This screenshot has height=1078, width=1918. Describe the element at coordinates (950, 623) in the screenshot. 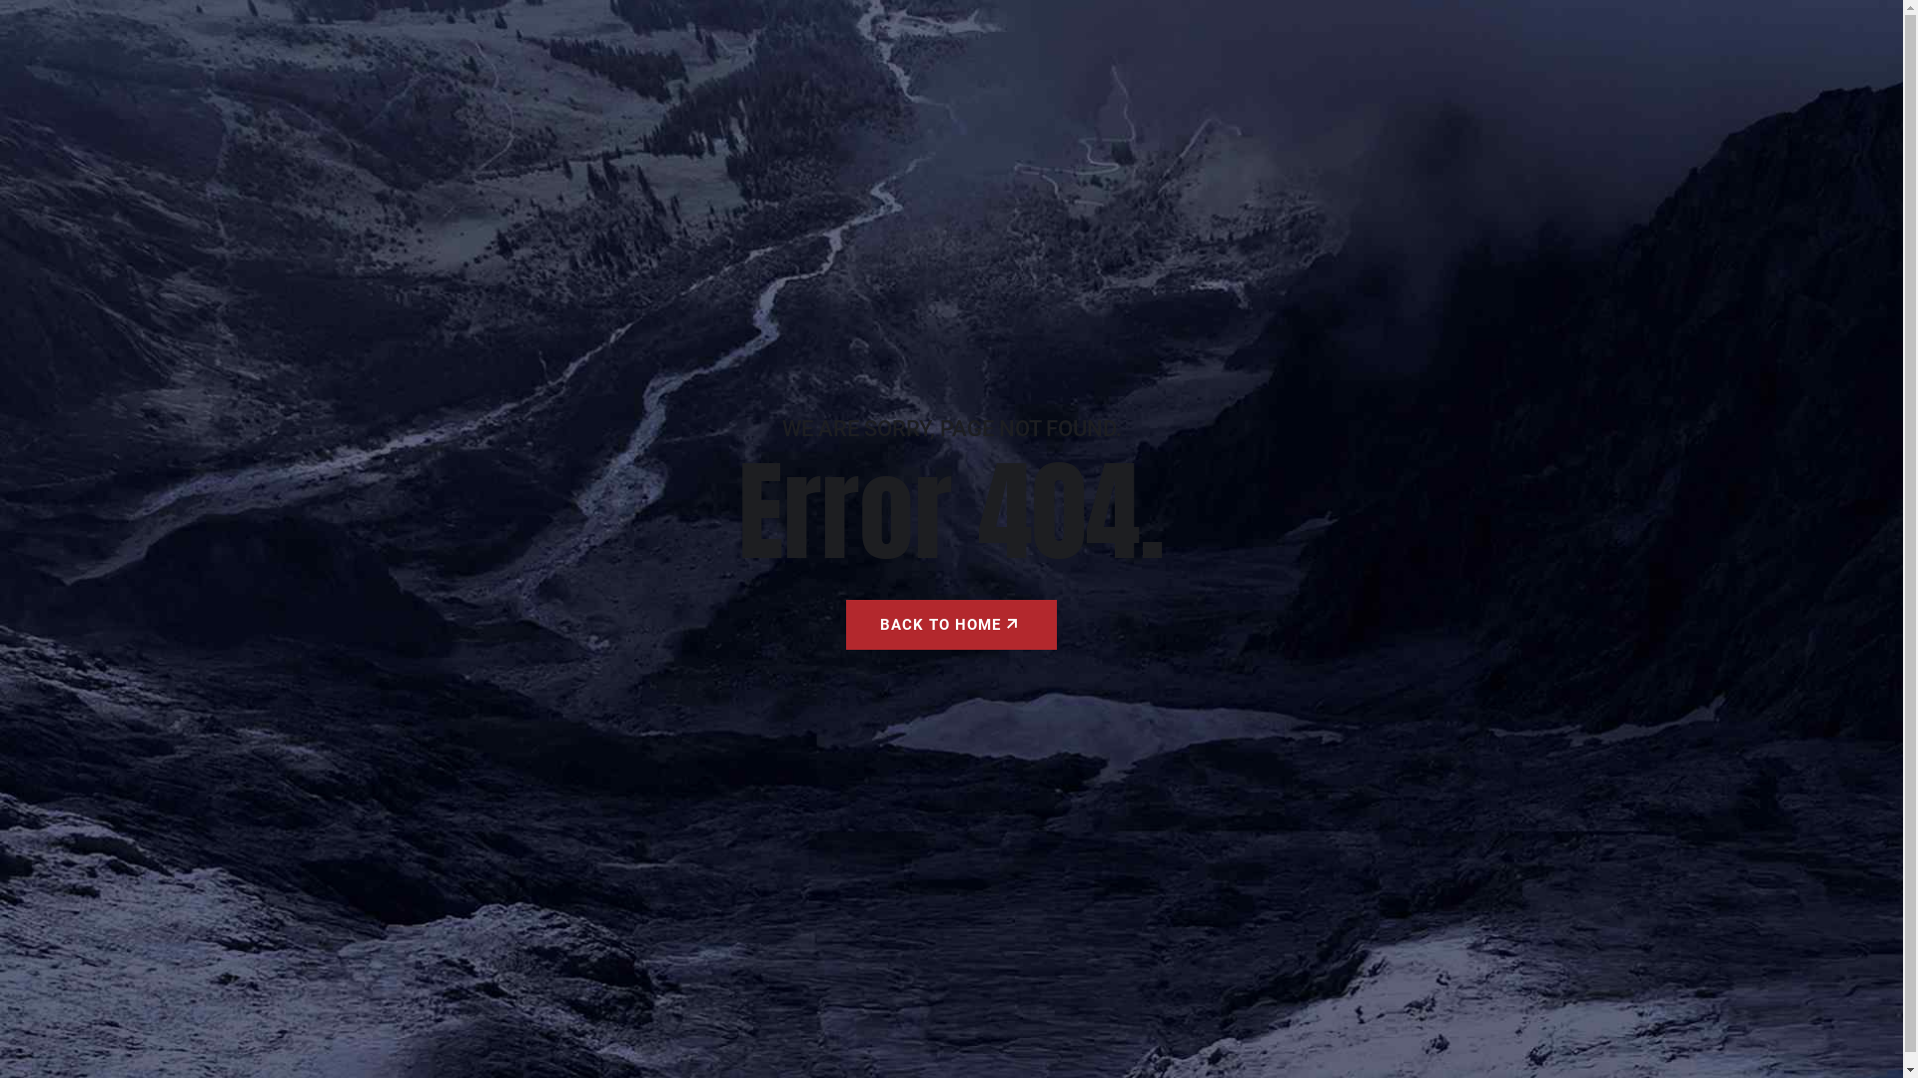

I see `'BACK TO HOME'` at that location.